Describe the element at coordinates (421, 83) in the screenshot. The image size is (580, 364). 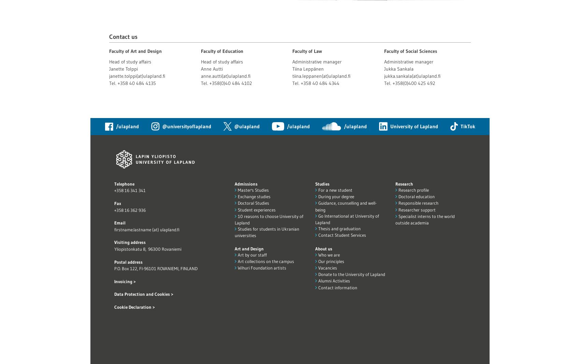
I see `'400 425 492'` at that location.